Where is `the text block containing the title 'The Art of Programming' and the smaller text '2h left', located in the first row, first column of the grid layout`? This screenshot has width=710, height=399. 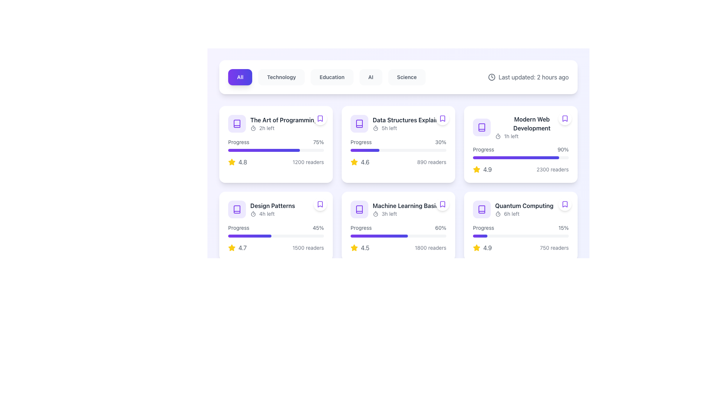
the text block containing the title 'The Art of Programming' and the smaller text '2h left', located in the first row, first column of the grid layout is located at coordinates (284, 123).